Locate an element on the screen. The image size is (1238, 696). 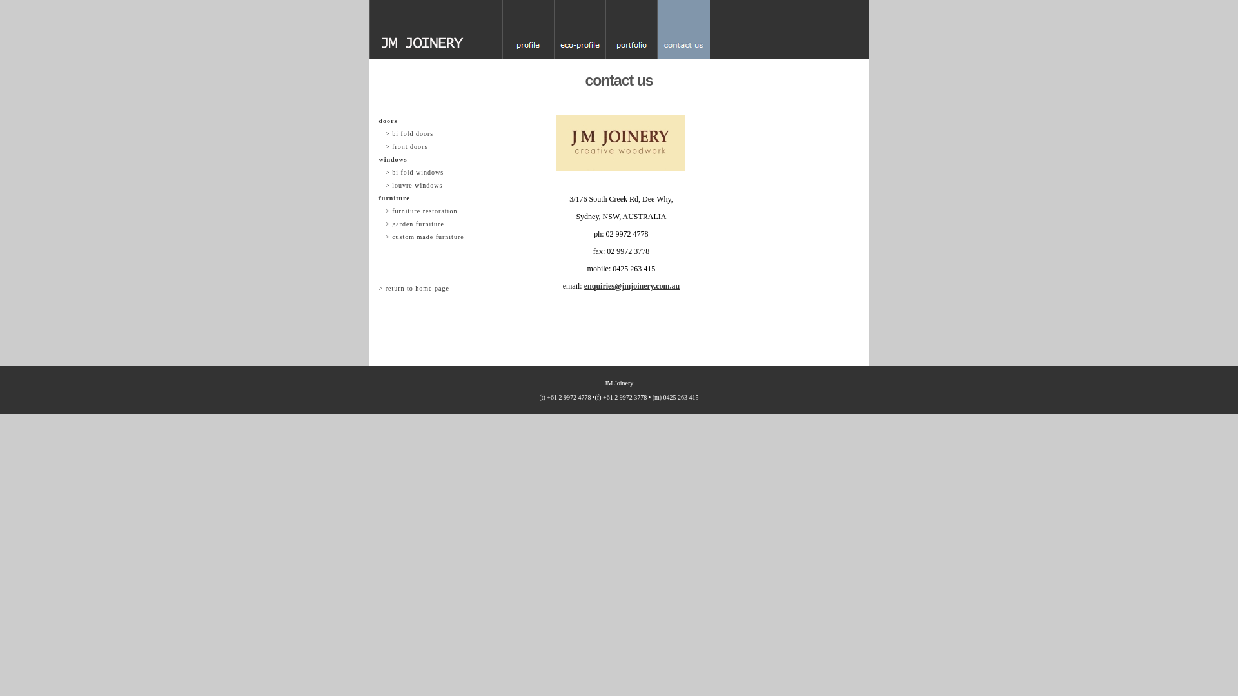
'> return to home page' is located at coordinates (430, 287).